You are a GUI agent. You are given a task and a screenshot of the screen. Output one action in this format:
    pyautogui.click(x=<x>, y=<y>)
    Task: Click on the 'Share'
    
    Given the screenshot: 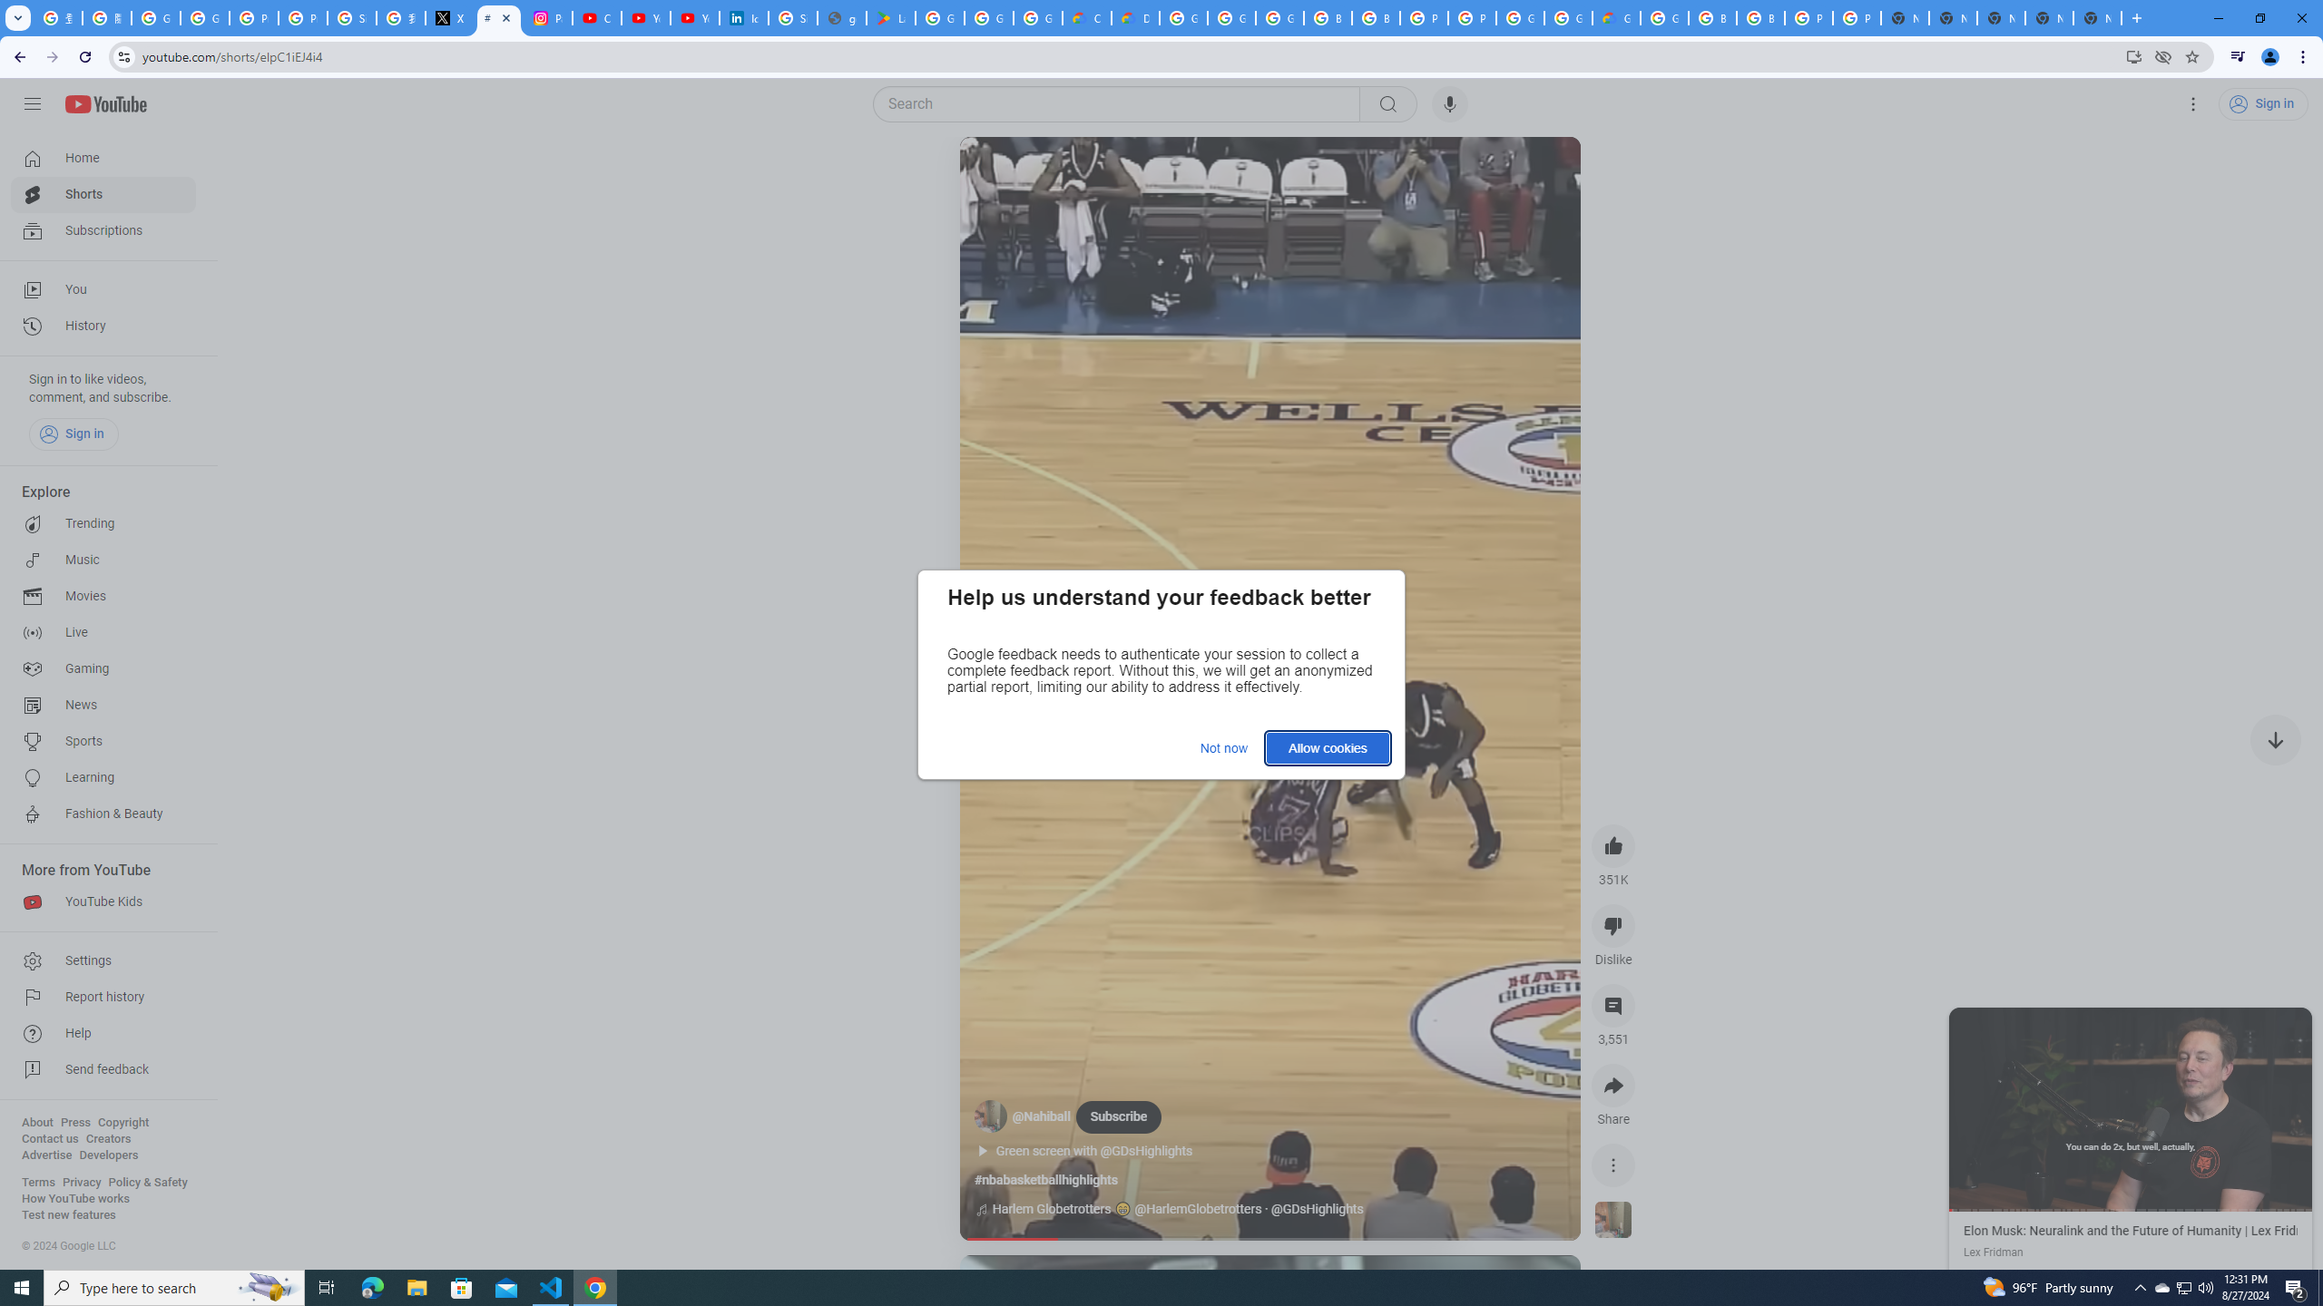 What is the action you would take?
    pyautogui.click(x=1612, y=1085)
    